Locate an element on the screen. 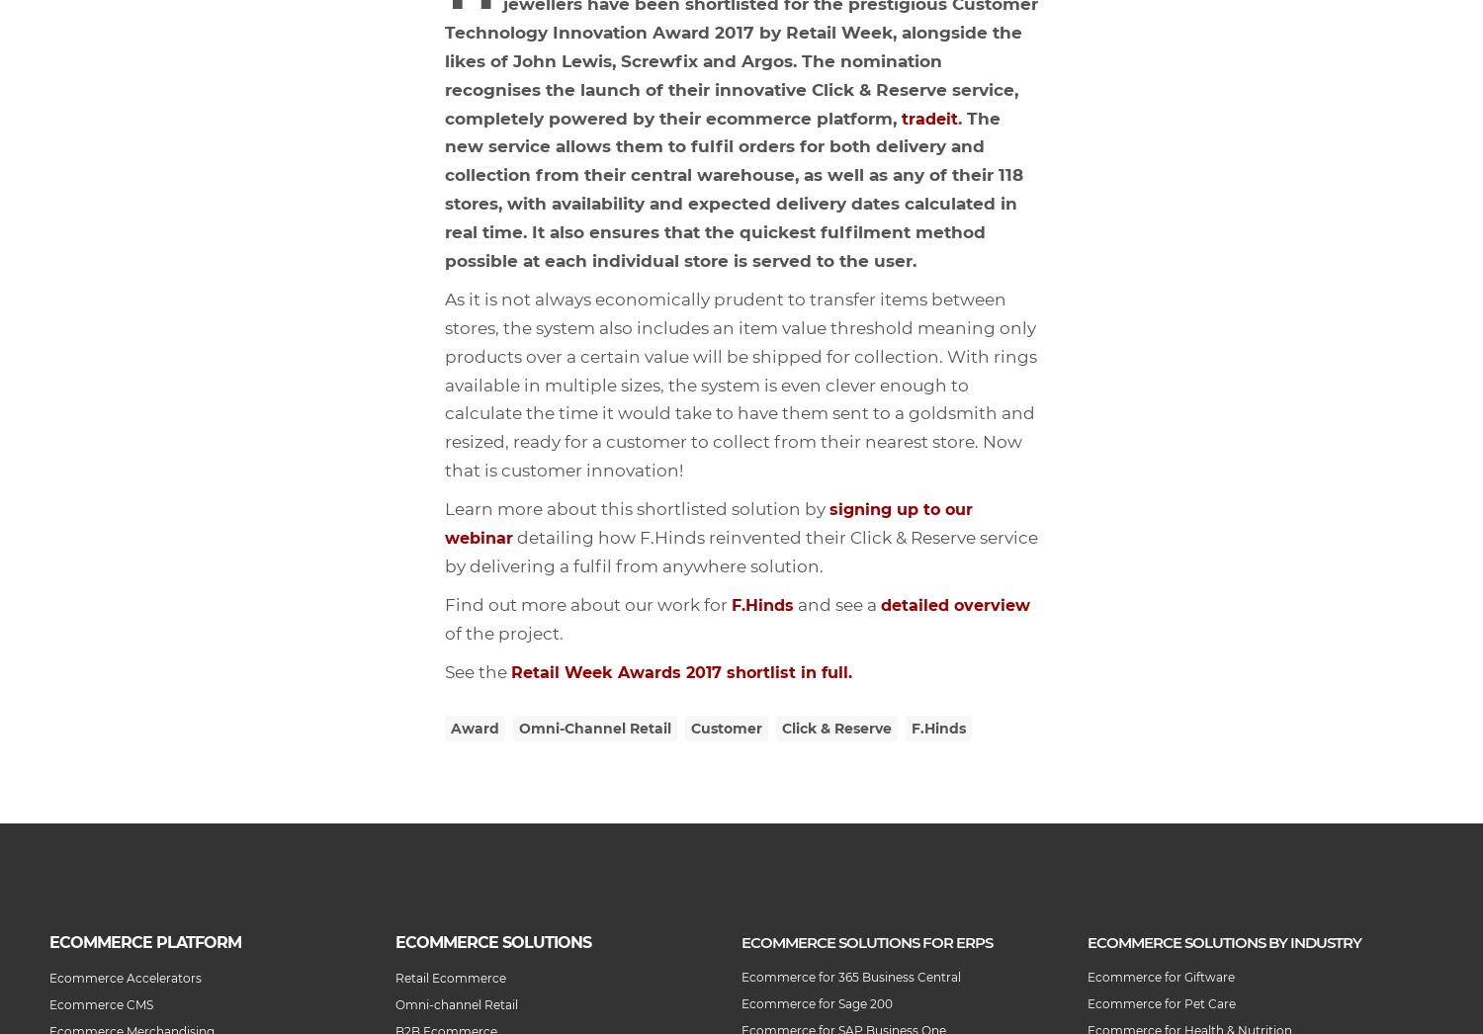  'Multi-site ecommerce and your online strategy' is located at coordinates (0, 45).